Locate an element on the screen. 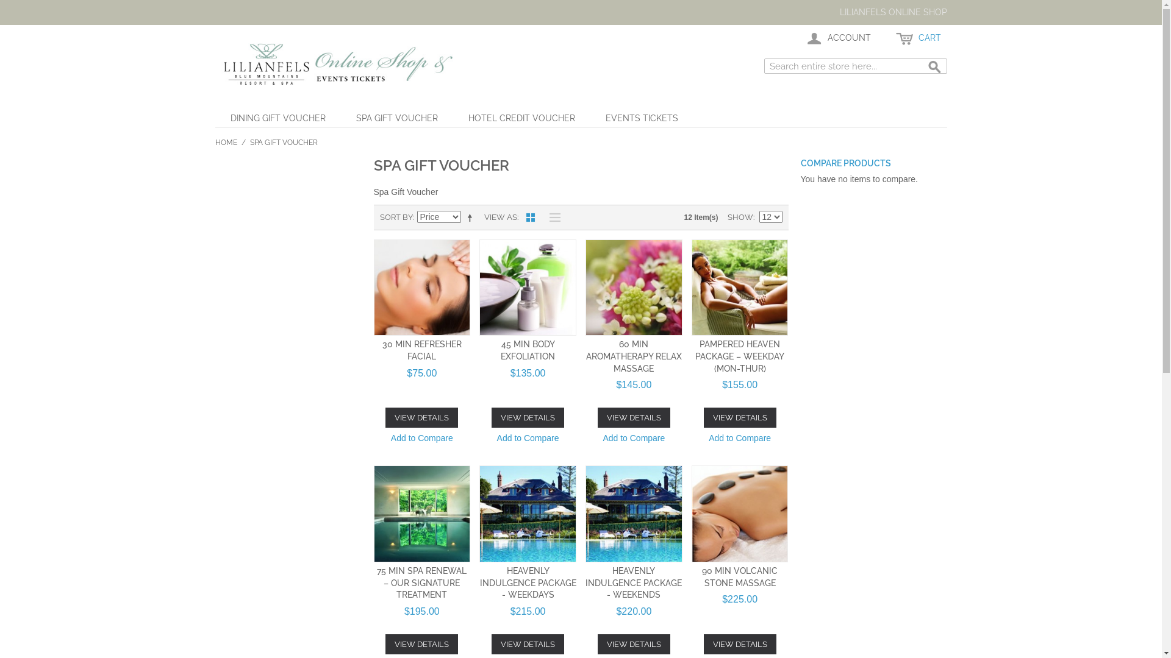 The image size is (1171, 658). 'SPA GIFT VOUCHER' is located at coordinates (340, 118).